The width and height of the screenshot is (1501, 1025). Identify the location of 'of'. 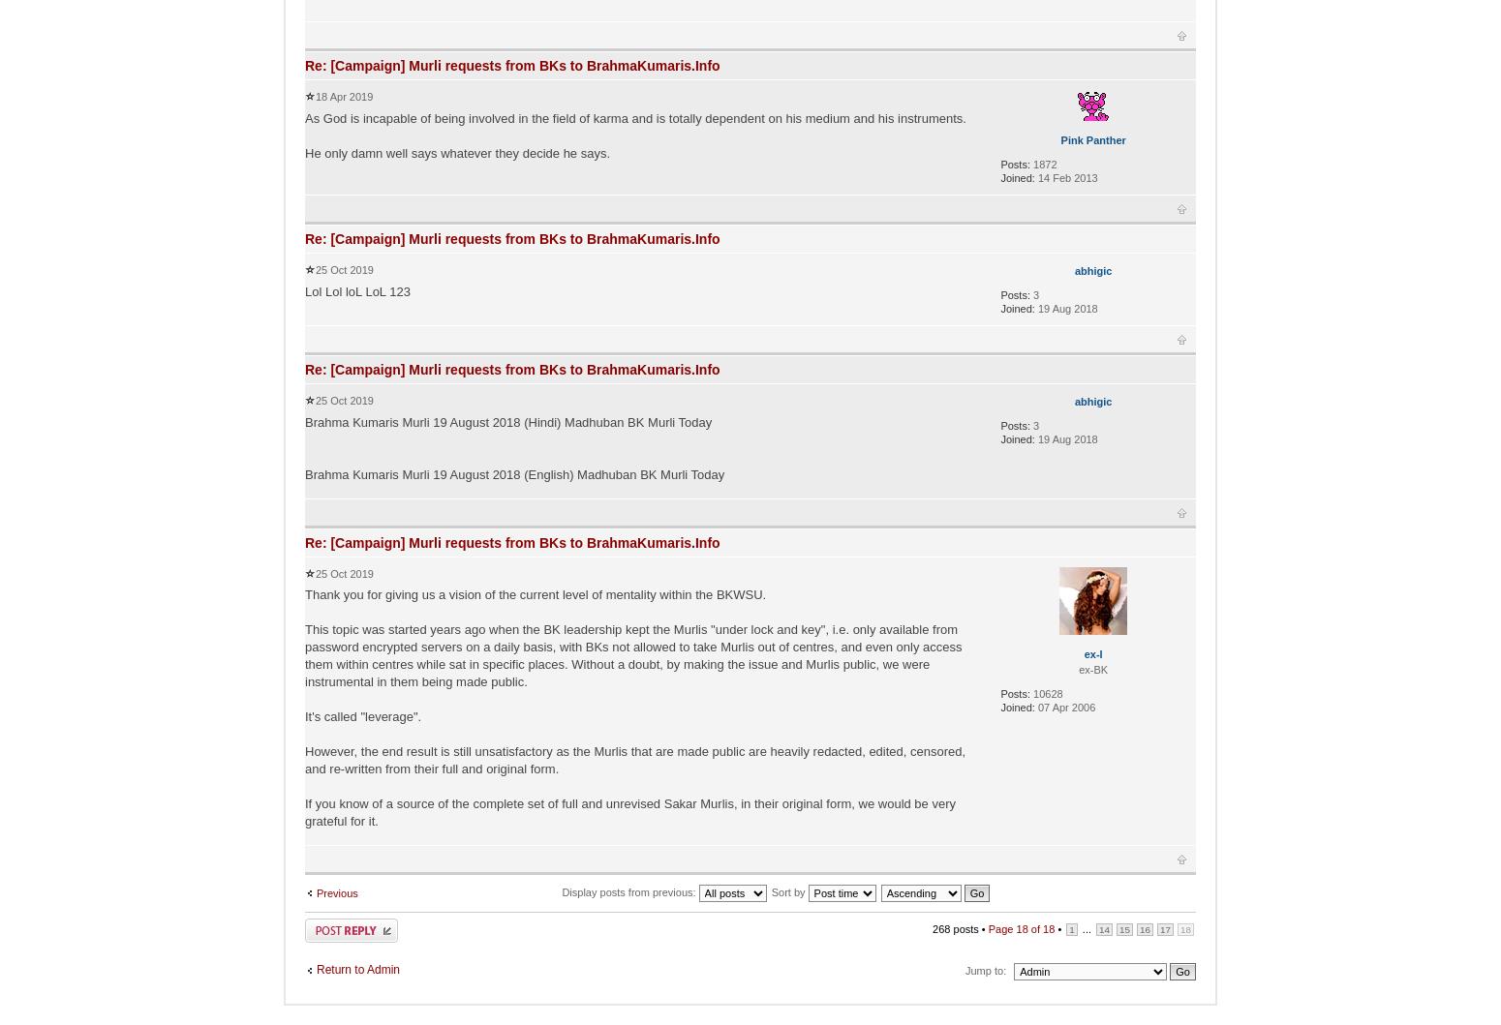
(1035, 927).